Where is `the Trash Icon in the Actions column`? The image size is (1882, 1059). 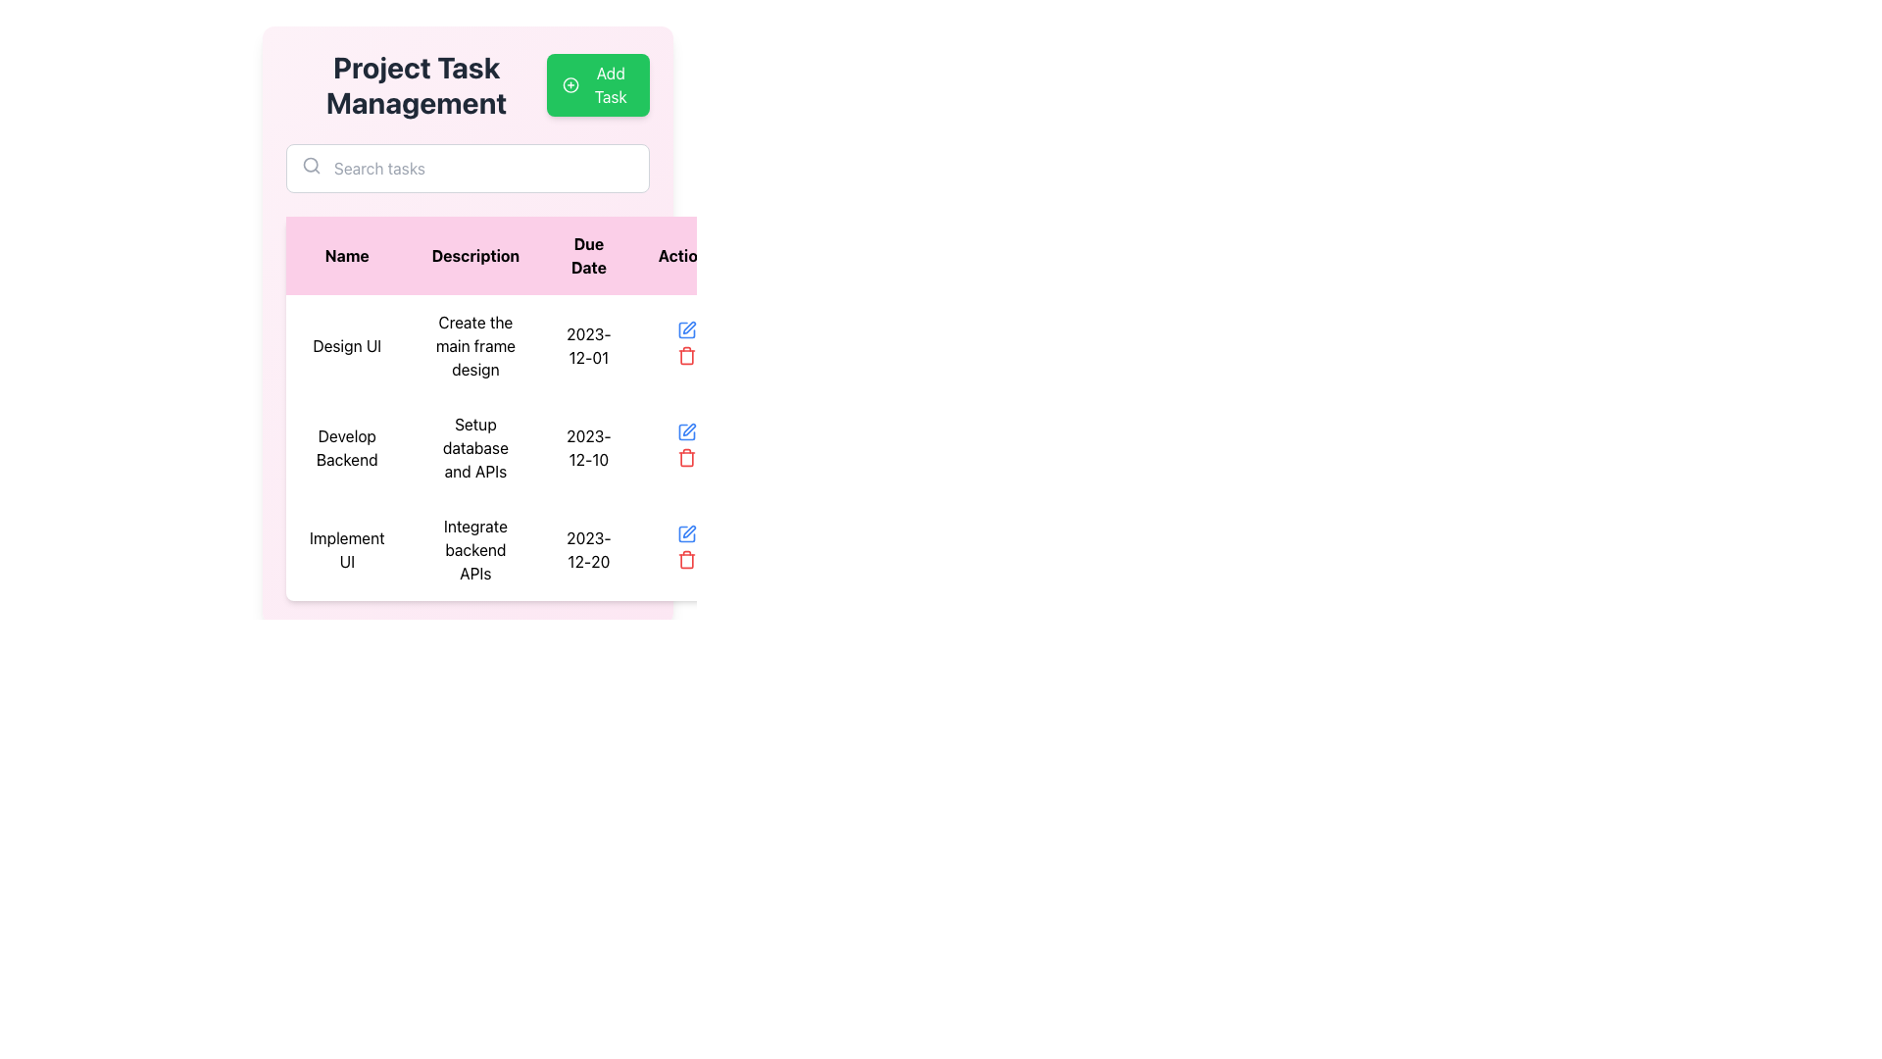
the Trash Icon in the Actions column is located at coordinates (686, 458).